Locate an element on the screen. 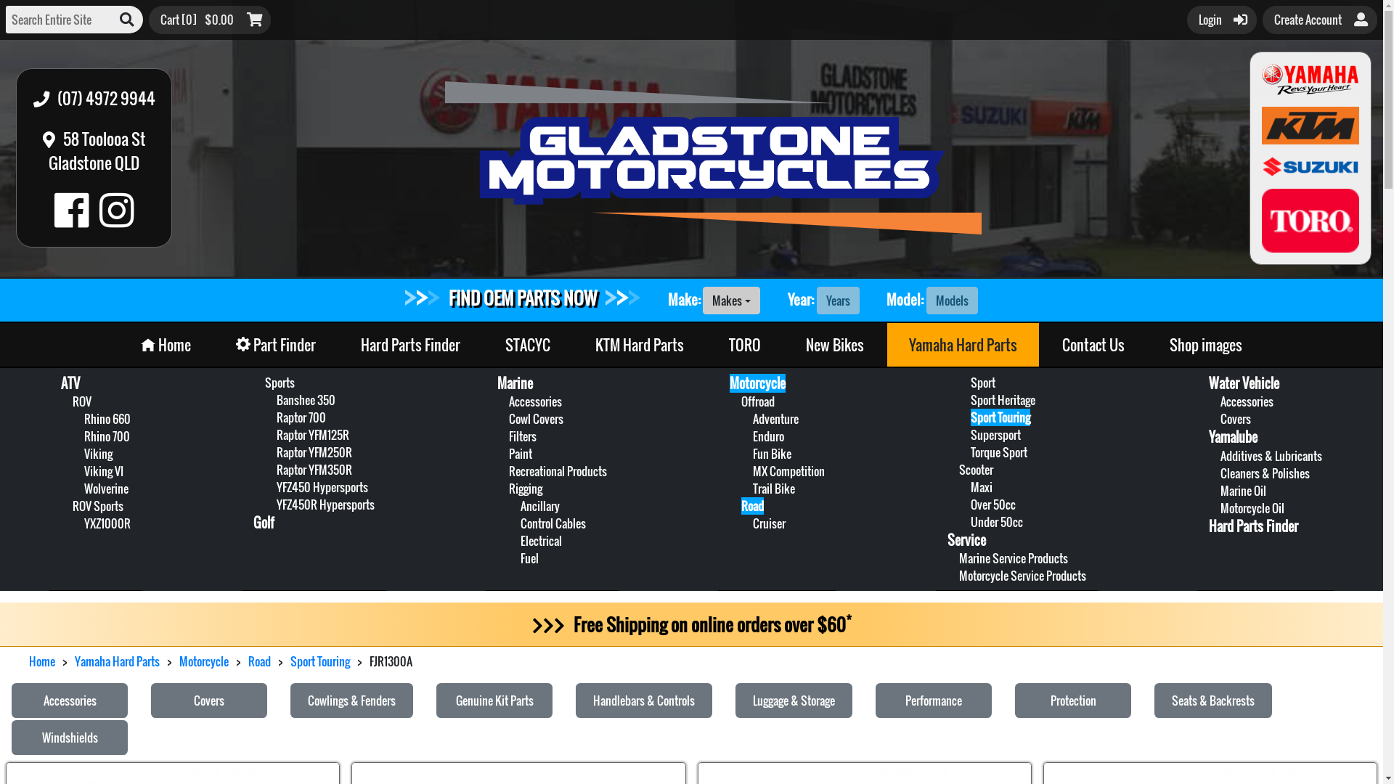  'Adventure' is located at coordinates (752, 419).